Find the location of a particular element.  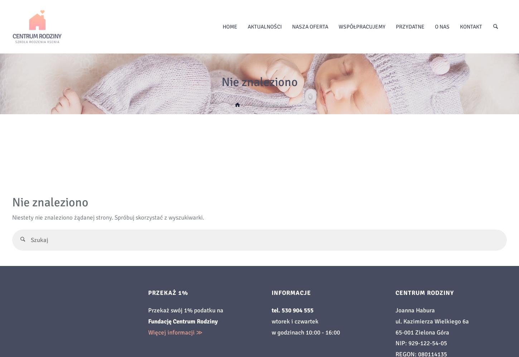

'65-001 Zielona Góra' is located at coordinates (421, 332).